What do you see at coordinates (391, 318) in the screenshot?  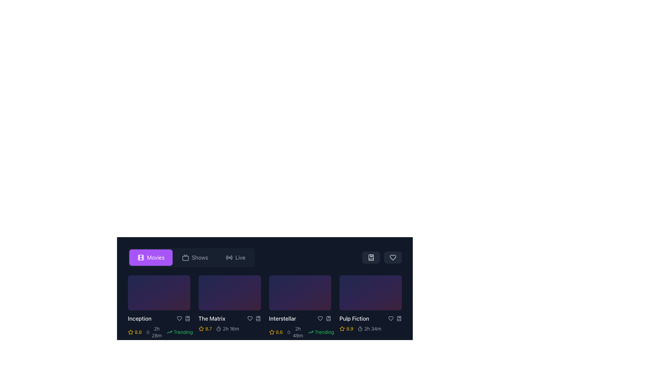 I see `the heart icon representing the 'like' functionality in the 'Pulp Fiction' movie card` at bounding box center [391, 318].